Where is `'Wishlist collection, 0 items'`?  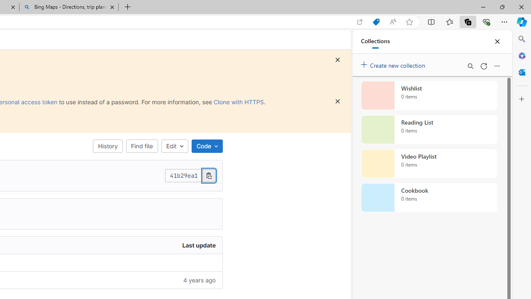
'Wishlist collection, 0 items' is located at coordinates (429, 95).